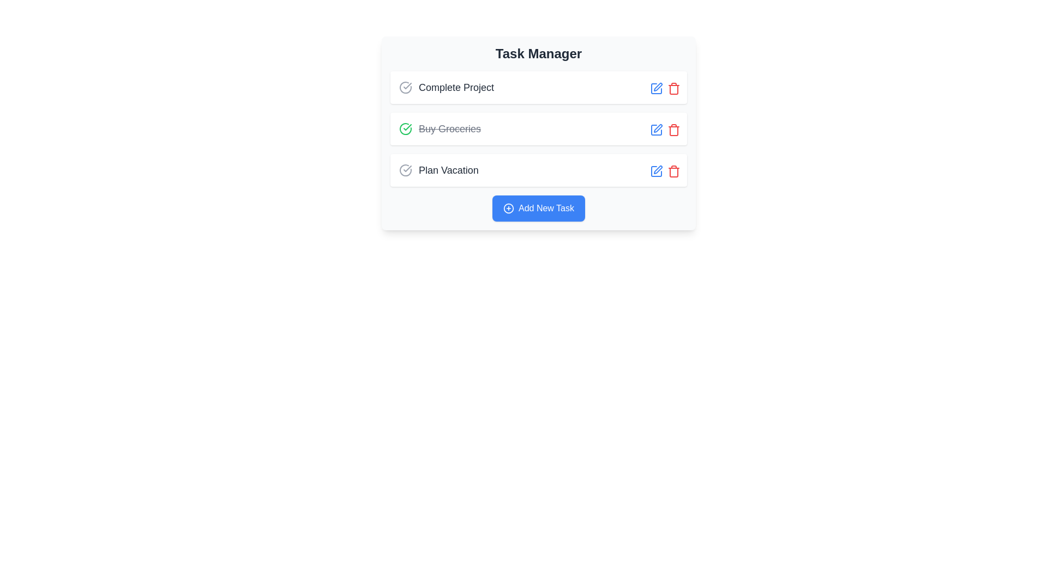  What do you see at coordinates (456, 87) in the screenshot?
I see `the title label of the topmost task in the task list, which is positioned to the right of a circular status icon` at bounding box center [456, 87].